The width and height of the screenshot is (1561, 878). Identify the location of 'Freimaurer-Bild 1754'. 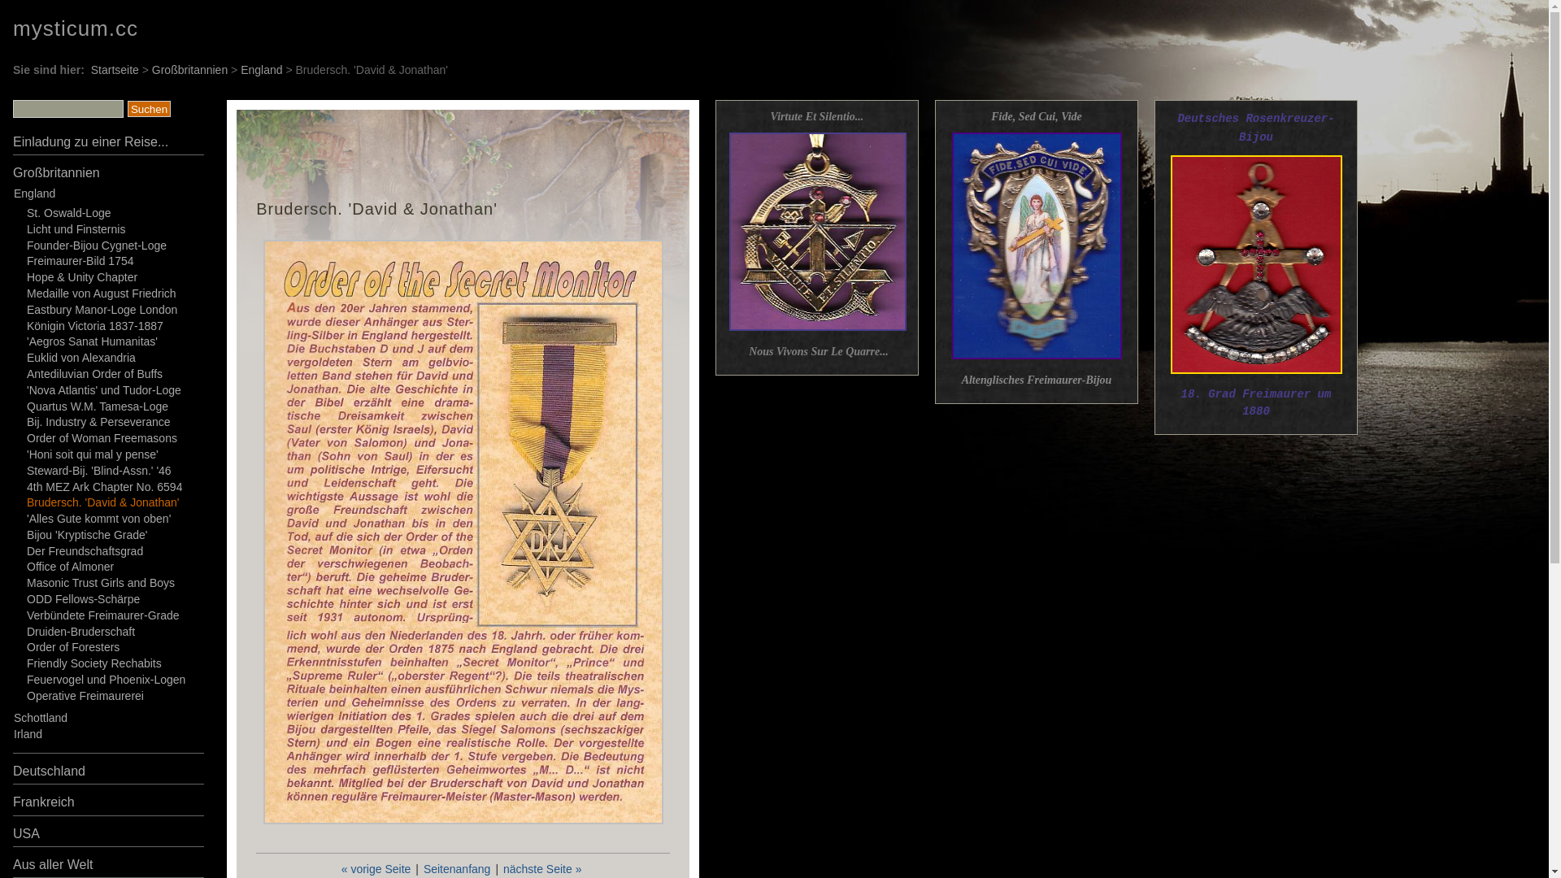
(80, 259).